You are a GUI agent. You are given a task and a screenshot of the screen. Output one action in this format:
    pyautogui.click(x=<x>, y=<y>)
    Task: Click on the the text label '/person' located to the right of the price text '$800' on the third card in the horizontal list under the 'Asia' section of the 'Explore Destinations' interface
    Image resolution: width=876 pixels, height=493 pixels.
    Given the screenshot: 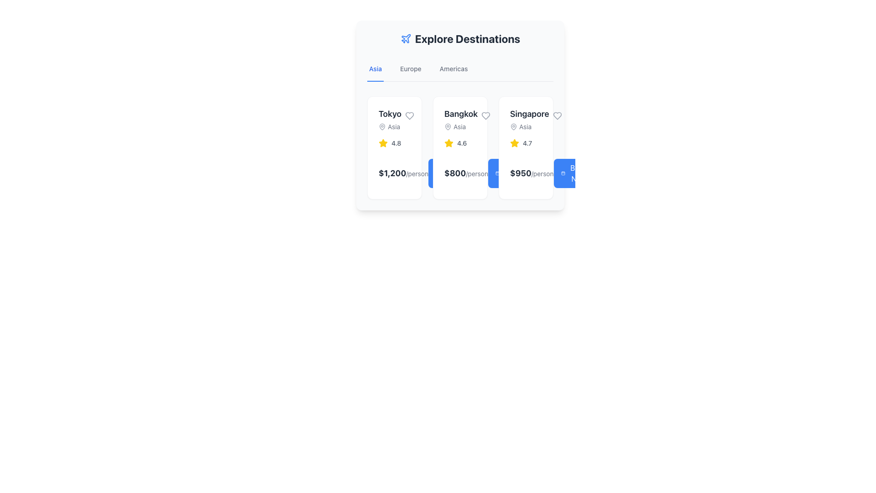 What is the action you would take?
    pyautogui.click(x=476, y=173)
    